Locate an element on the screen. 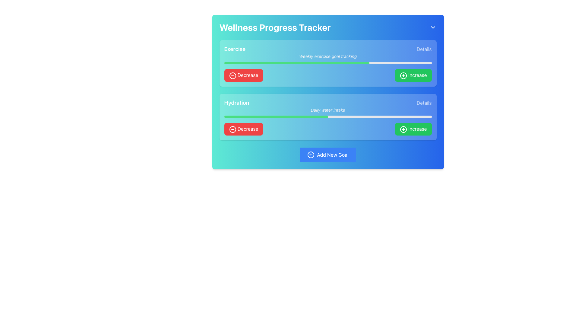 The image size is (579, 326). the Progress Bar that represents the user's water intake progress against a daily goal, located below the 'Daily water intake' text is located at coordinates (327, 117).